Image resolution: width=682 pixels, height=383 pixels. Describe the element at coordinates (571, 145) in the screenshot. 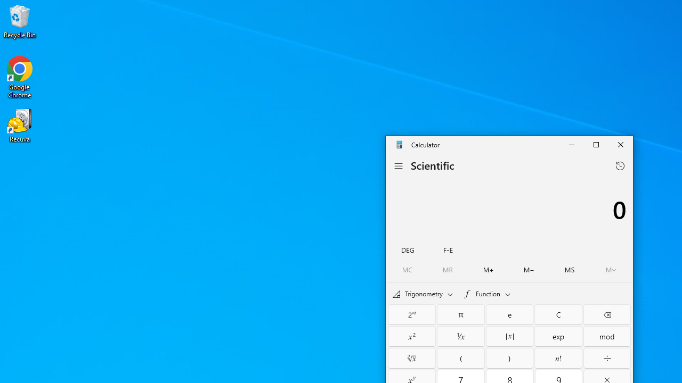

I see `'Minimize Calculator'` at that location.